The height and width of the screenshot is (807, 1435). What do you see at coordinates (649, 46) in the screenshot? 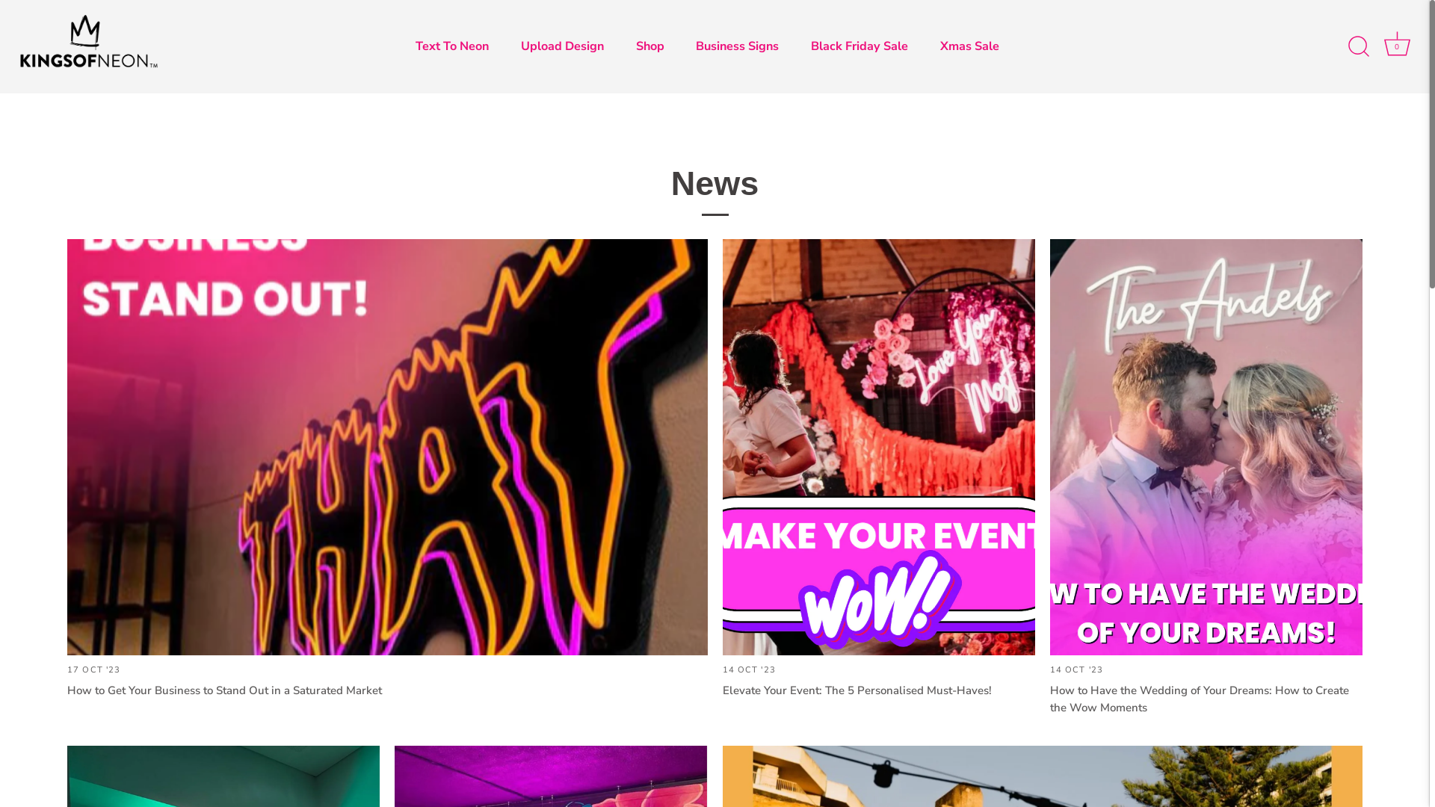
I see `'Shop'` at bounding box center [649, 46].